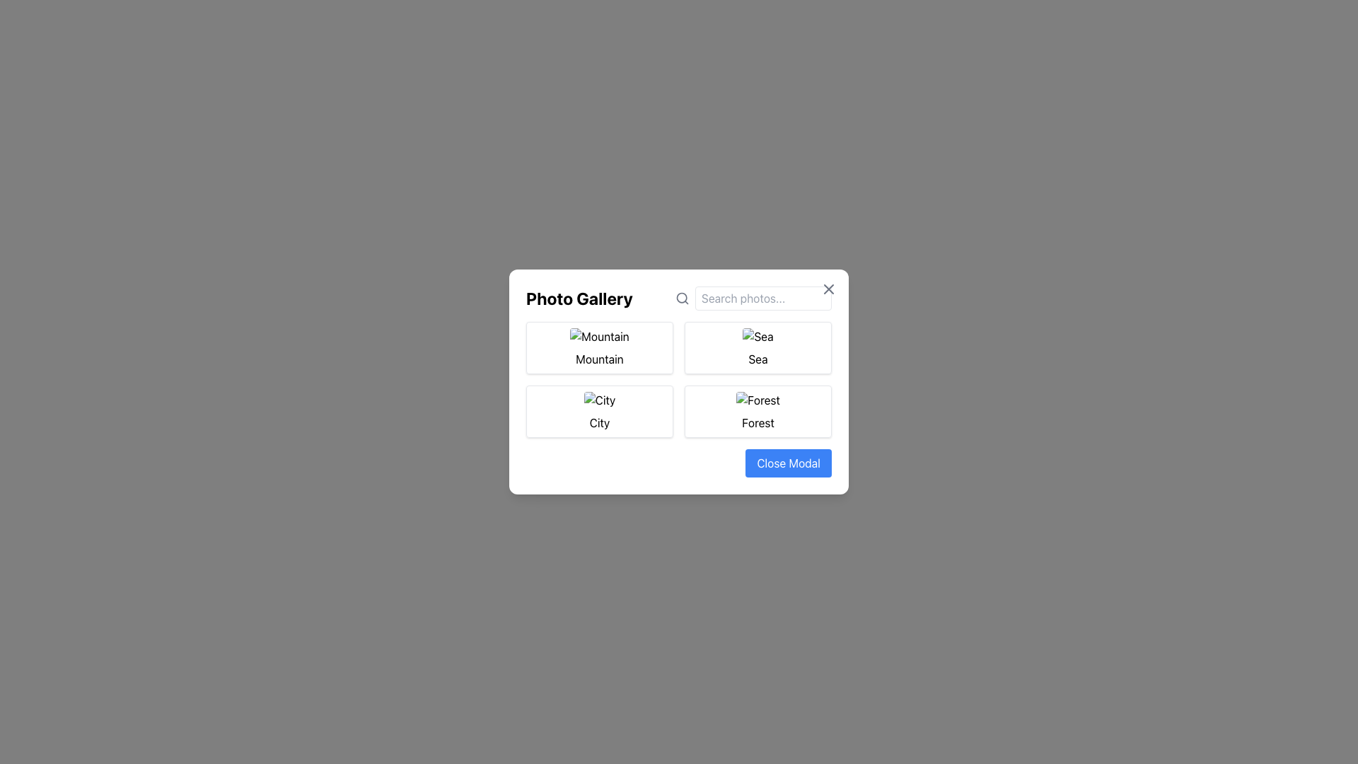 Image resolution: width=1358 pixels, height=764 pixels. I want to click on the Text label that describes the thumbnail image located in the second row, first column of the 'Photo Gallery' dialog box, so click(600, 422).